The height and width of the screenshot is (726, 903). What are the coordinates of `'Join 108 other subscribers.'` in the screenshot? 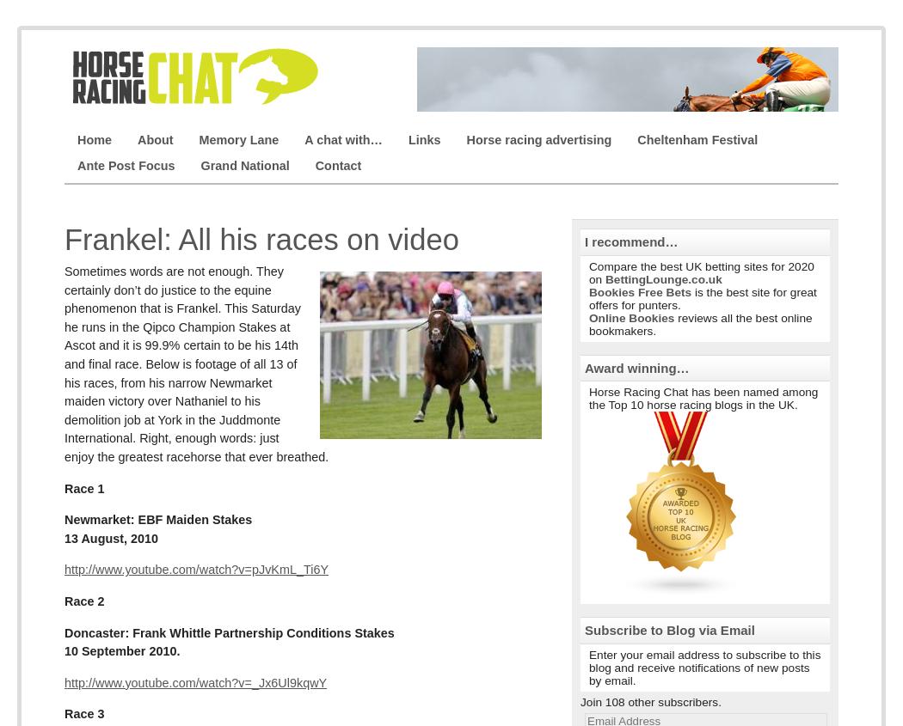 It's located at (650, 701).